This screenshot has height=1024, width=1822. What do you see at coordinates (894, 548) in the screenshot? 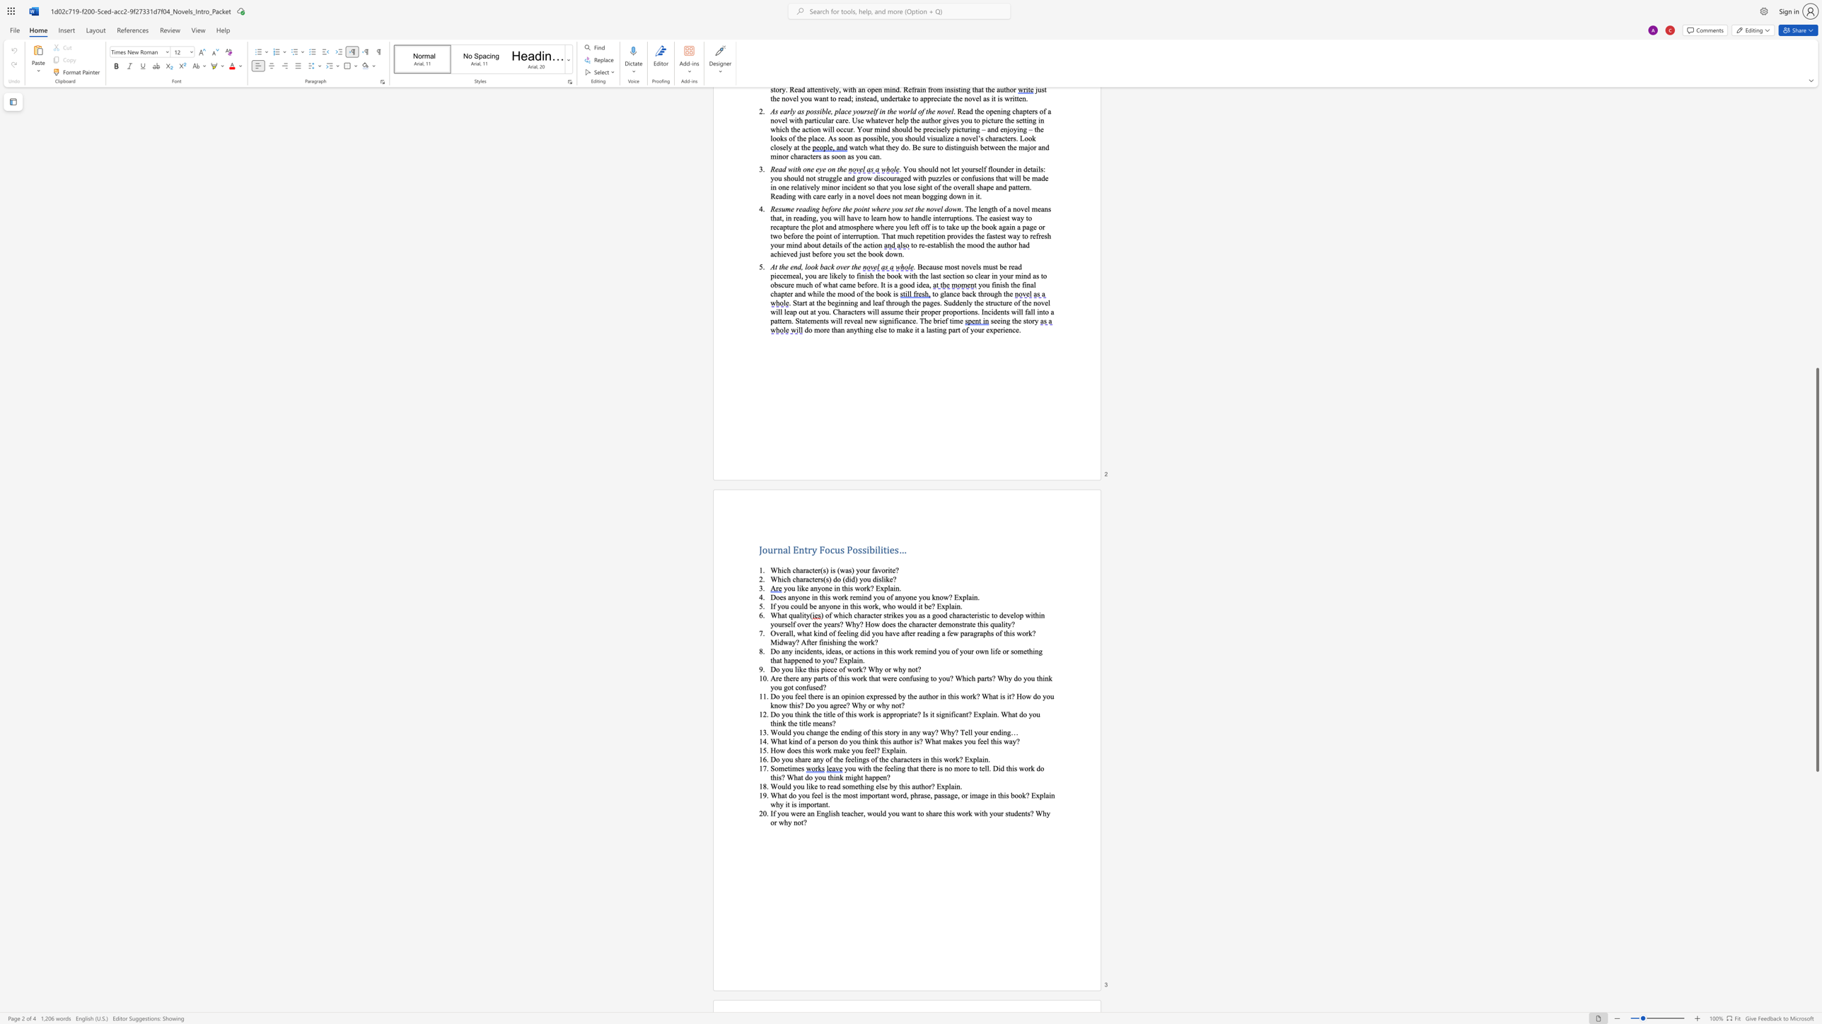
I see `the space between the continuous character "e" and "s" in the text` at bounding box center [894, 548].